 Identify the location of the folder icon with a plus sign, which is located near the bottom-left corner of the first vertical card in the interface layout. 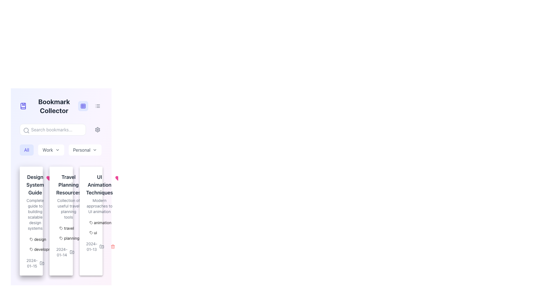
(42, 263).